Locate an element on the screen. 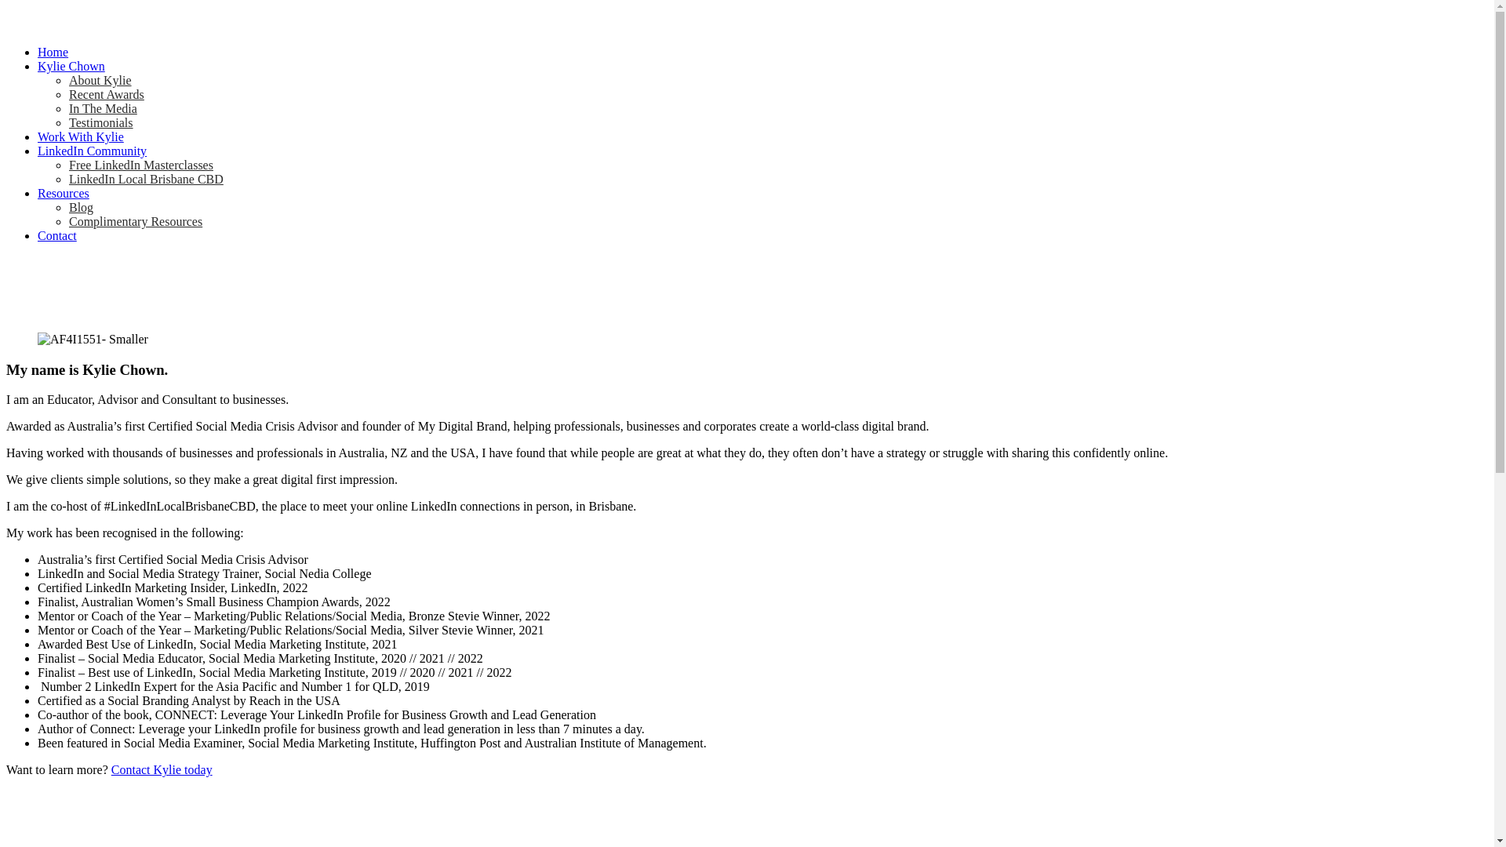 The width and height of the screenshot is (1506, 847). 'Work With Kylie' is located at coordinates (79, 136).